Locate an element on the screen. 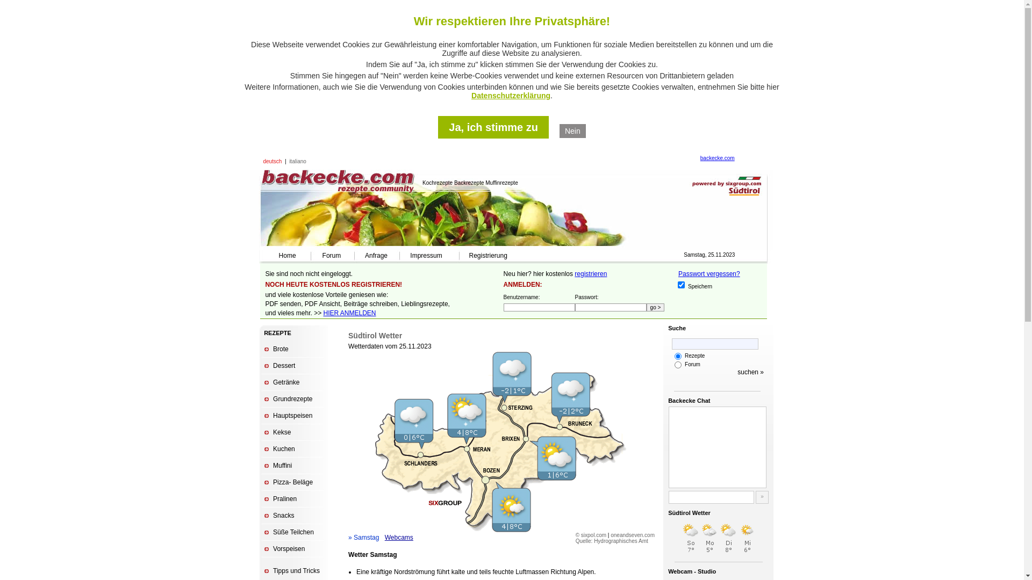  'Registrierung' is located at coordinates (469, 255).